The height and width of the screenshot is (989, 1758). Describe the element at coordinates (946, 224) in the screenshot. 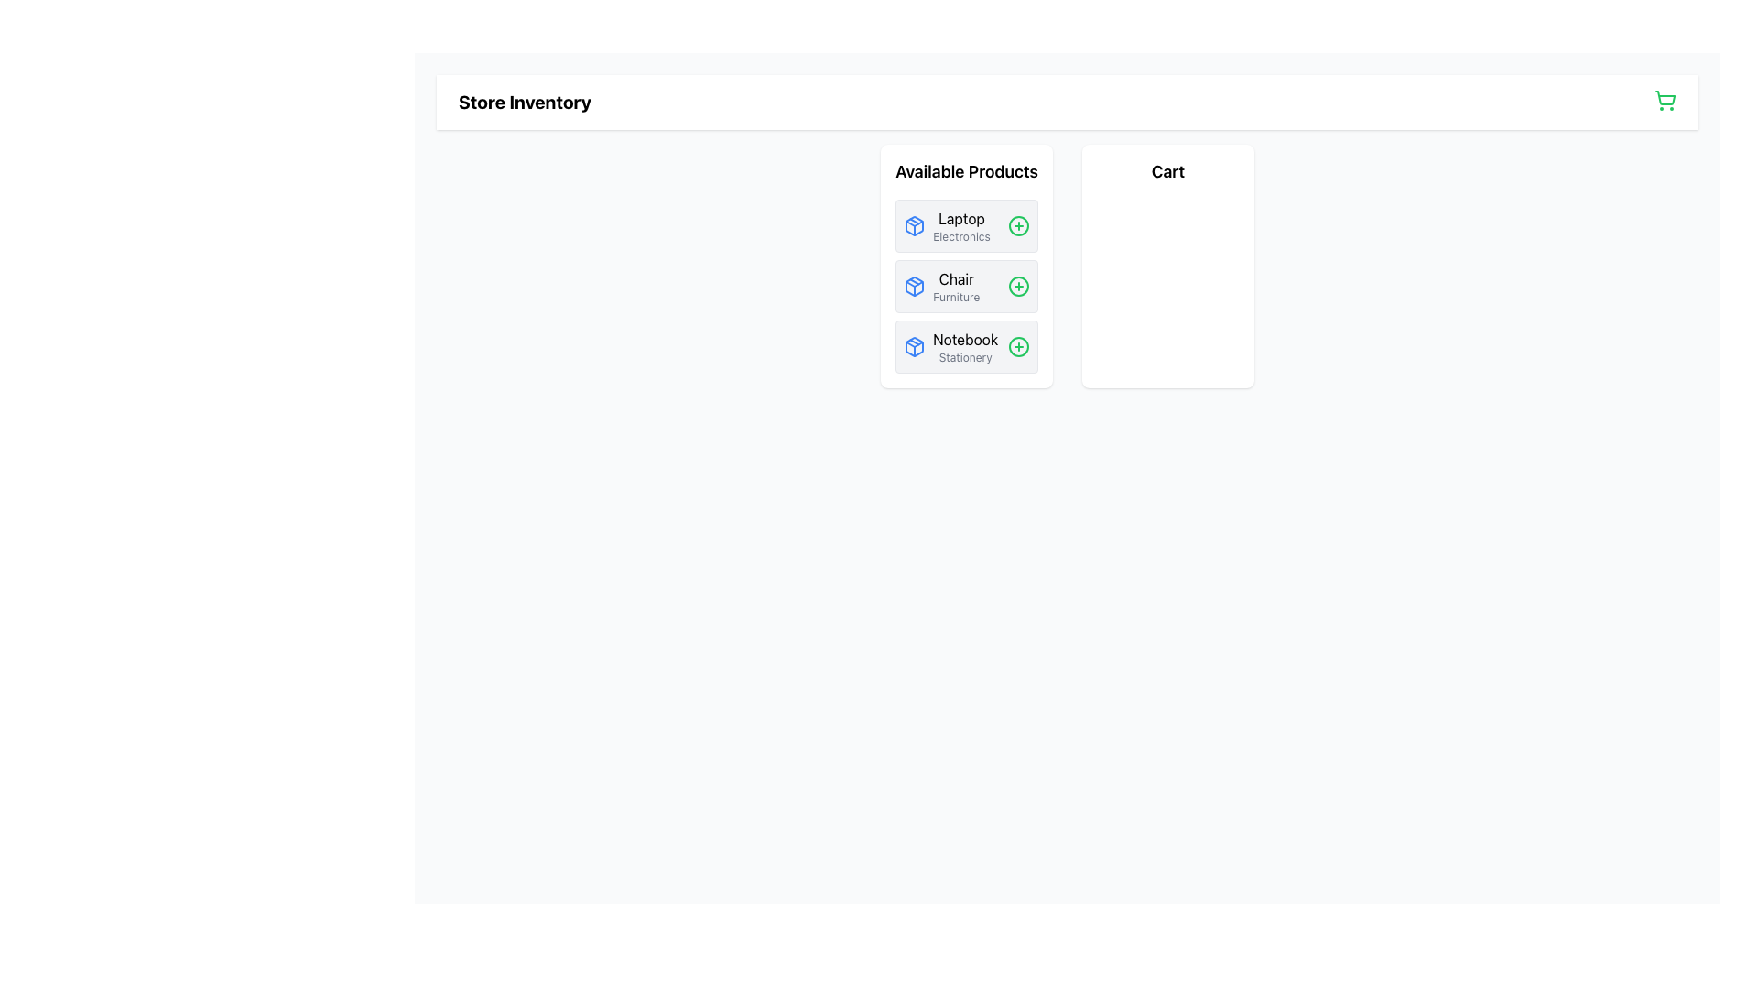

I see `the 'Laptop' product entry in the 'Available Products' list` at that location.